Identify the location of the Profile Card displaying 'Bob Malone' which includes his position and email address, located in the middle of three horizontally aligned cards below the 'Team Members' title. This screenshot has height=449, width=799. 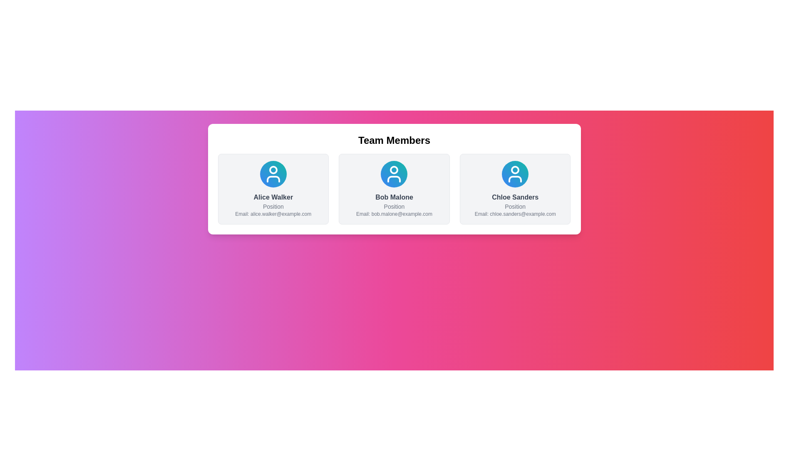
(394, 189).